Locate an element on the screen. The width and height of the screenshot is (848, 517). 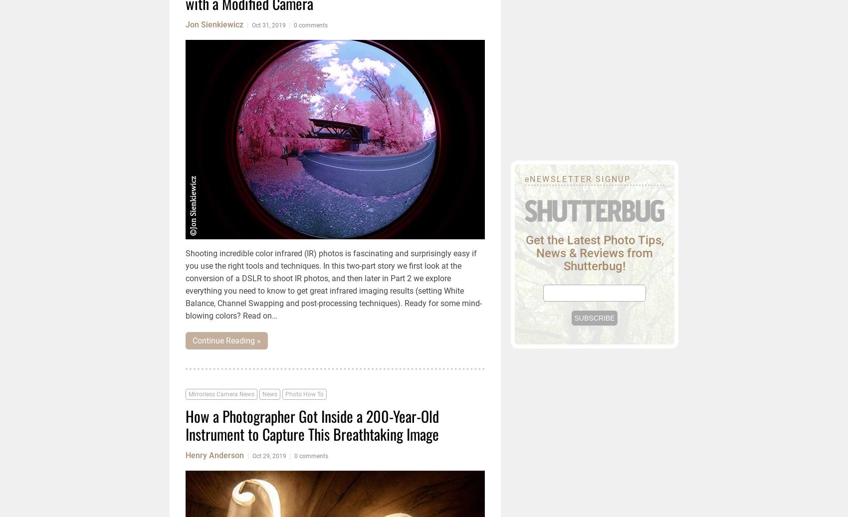
'News' is located at coordinates (269, 394).